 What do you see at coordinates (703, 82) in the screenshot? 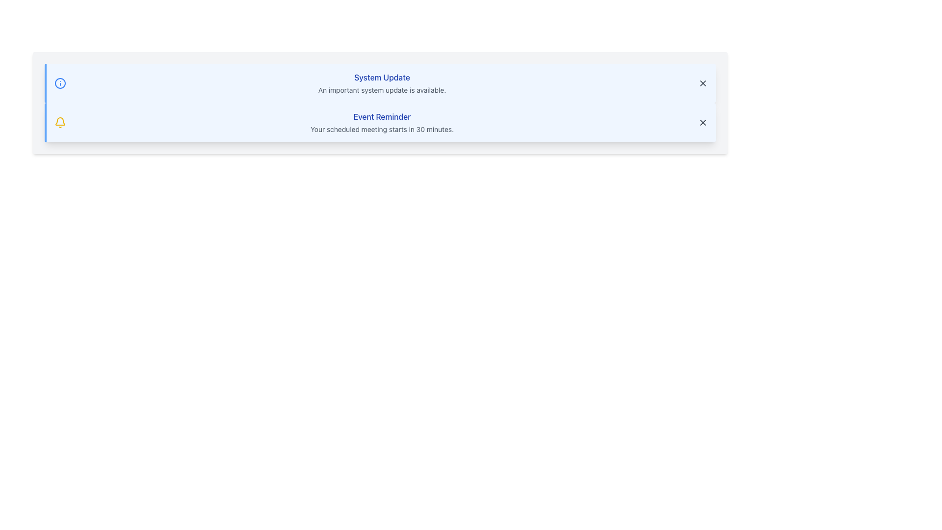
I see `the dismiss button (the 'X' icon) located at the top-right corner of the 'System Update' notification` at bounding box center [703, 82].